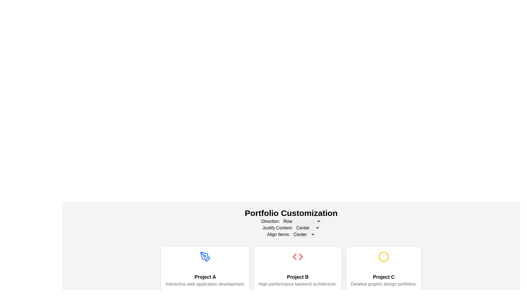 The width and height of the screenshot is (527, 296). I want to click on the 'Justify Content' label located near the top-center of the 'Portfolio Customization' section, to the left of the dropdown menu, so click(277, 228).